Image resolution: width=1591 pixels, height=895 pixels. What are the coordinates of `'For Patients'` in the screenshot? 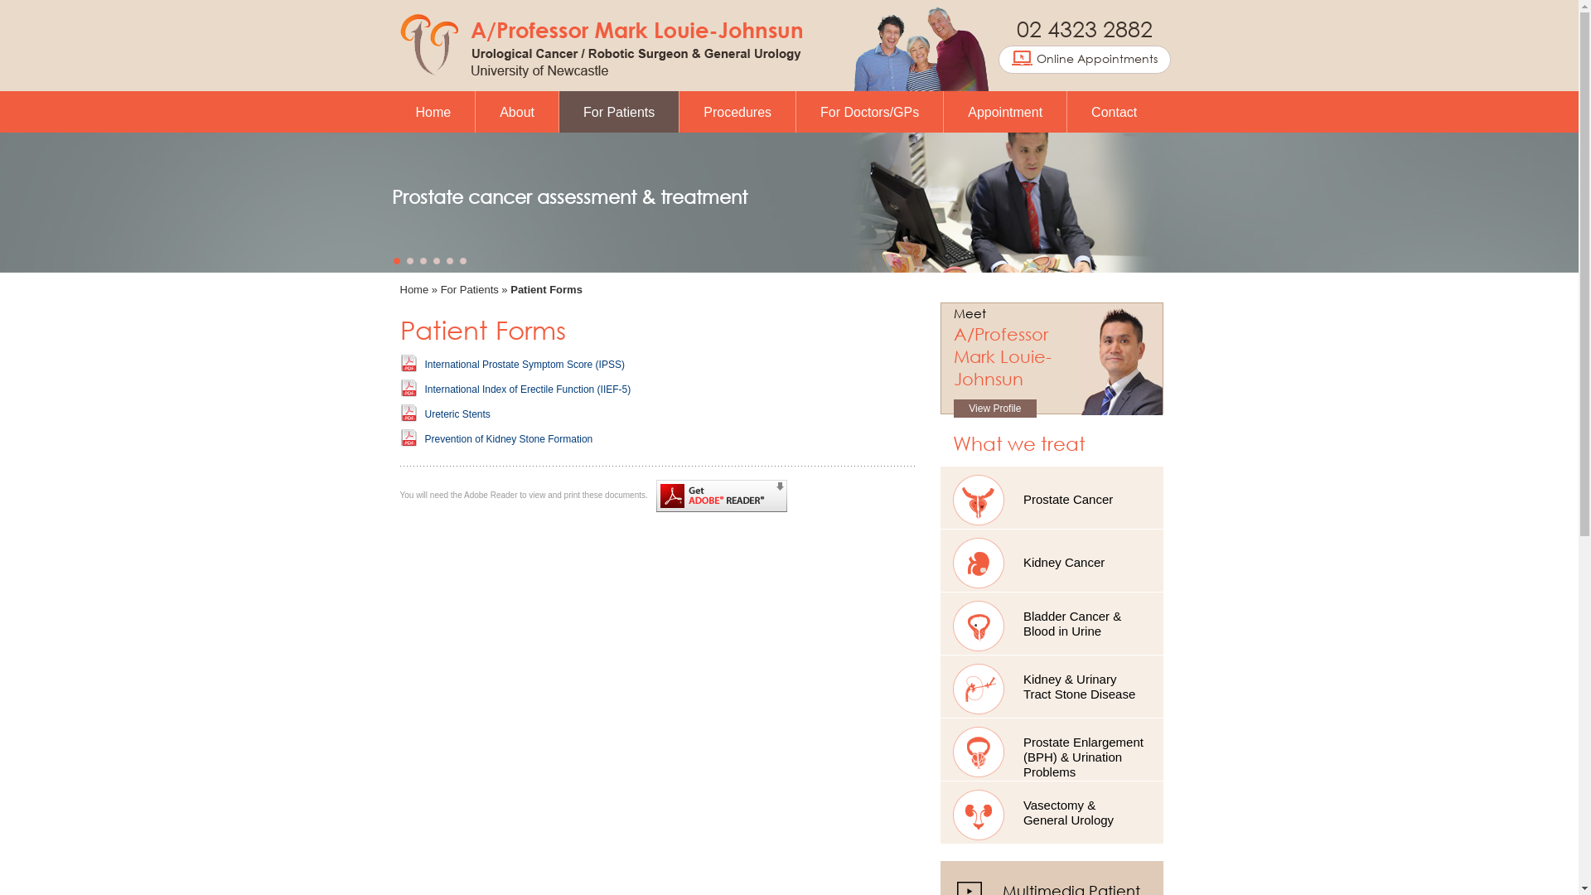 It's located at (468, 288).